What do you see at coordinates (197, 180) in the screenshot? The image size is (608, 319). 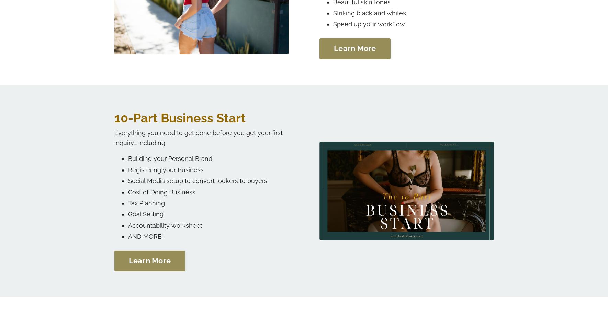 I see `'Social Media setup to convert lookers to buyers'` at bounding box center [197, 180].